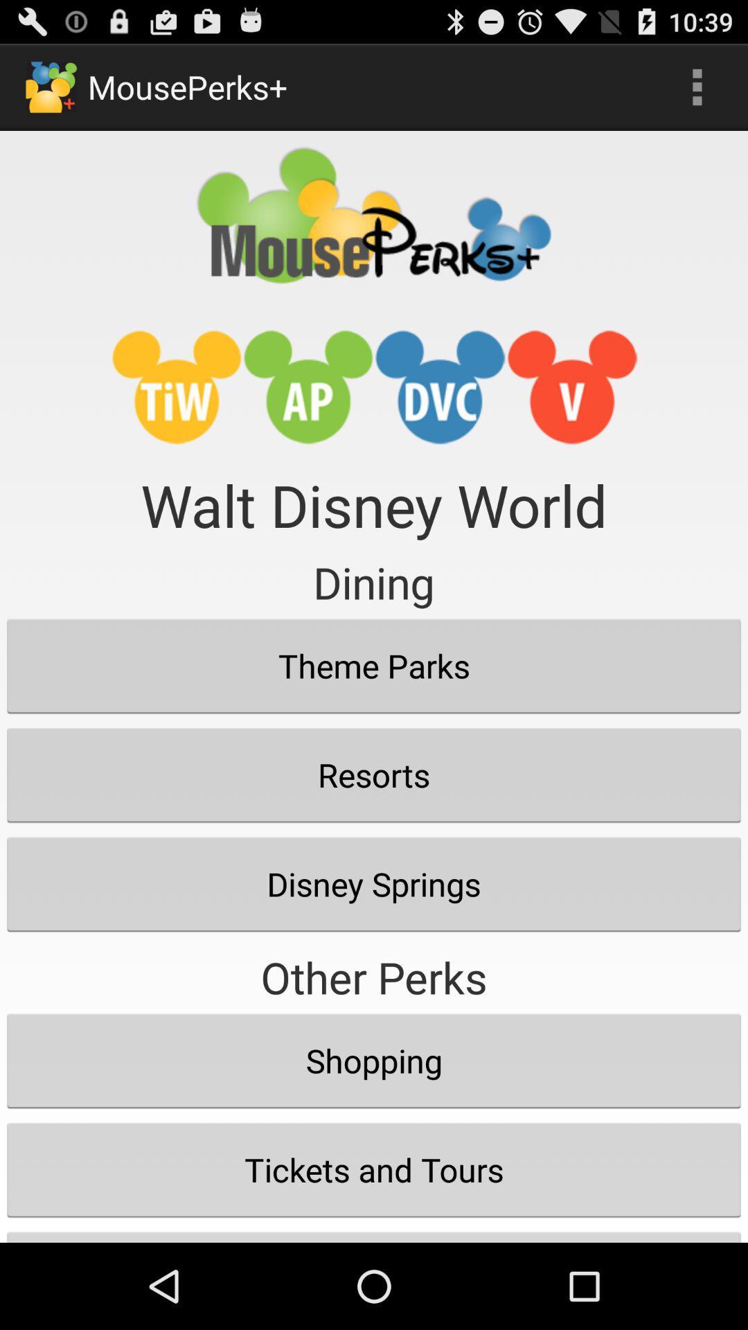 The image size is (748, 1330). What do you see at coordinates (374, 666) in the screenshot?
I see `the theme parks item` at bounding box center [374, 666].